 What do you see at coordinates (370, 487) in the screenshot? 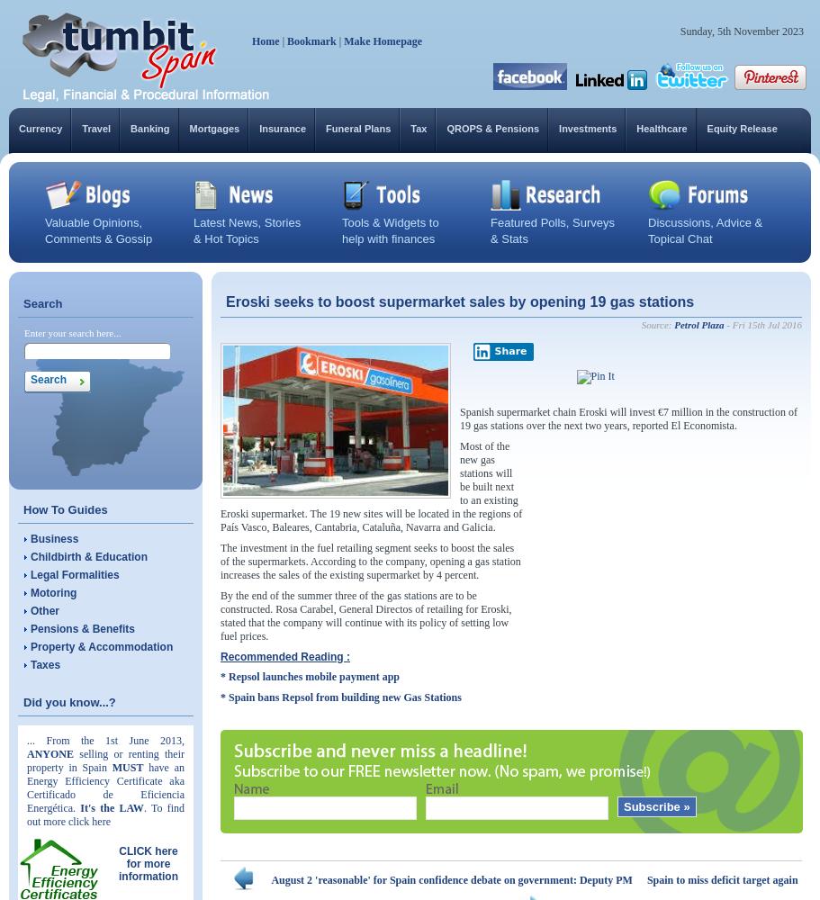
I see `'Most of the new gas stations will be built next to an existing Eroski supermarket. The 19 new sites will be located in the regions of País Vasco, Baleares, Cantabria, Cataluña, Navarra and Galicia.'` at bounding box center [370, 487].